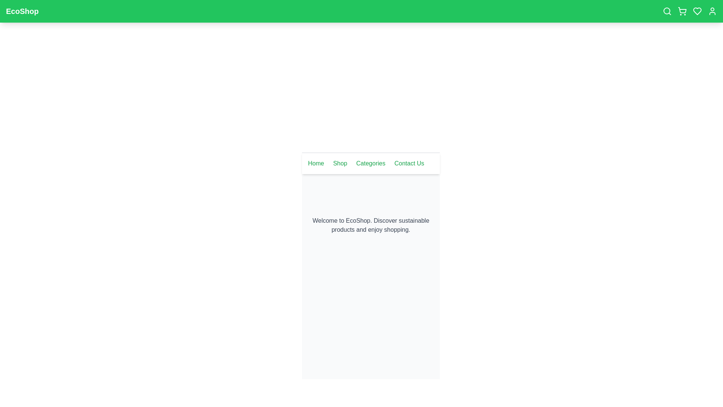 This screenshot has height=407, width=723. Describe the element at coordinates (371, 163) in the screenshot. I see `the 'Categories' link in the navigation bar` at that location.